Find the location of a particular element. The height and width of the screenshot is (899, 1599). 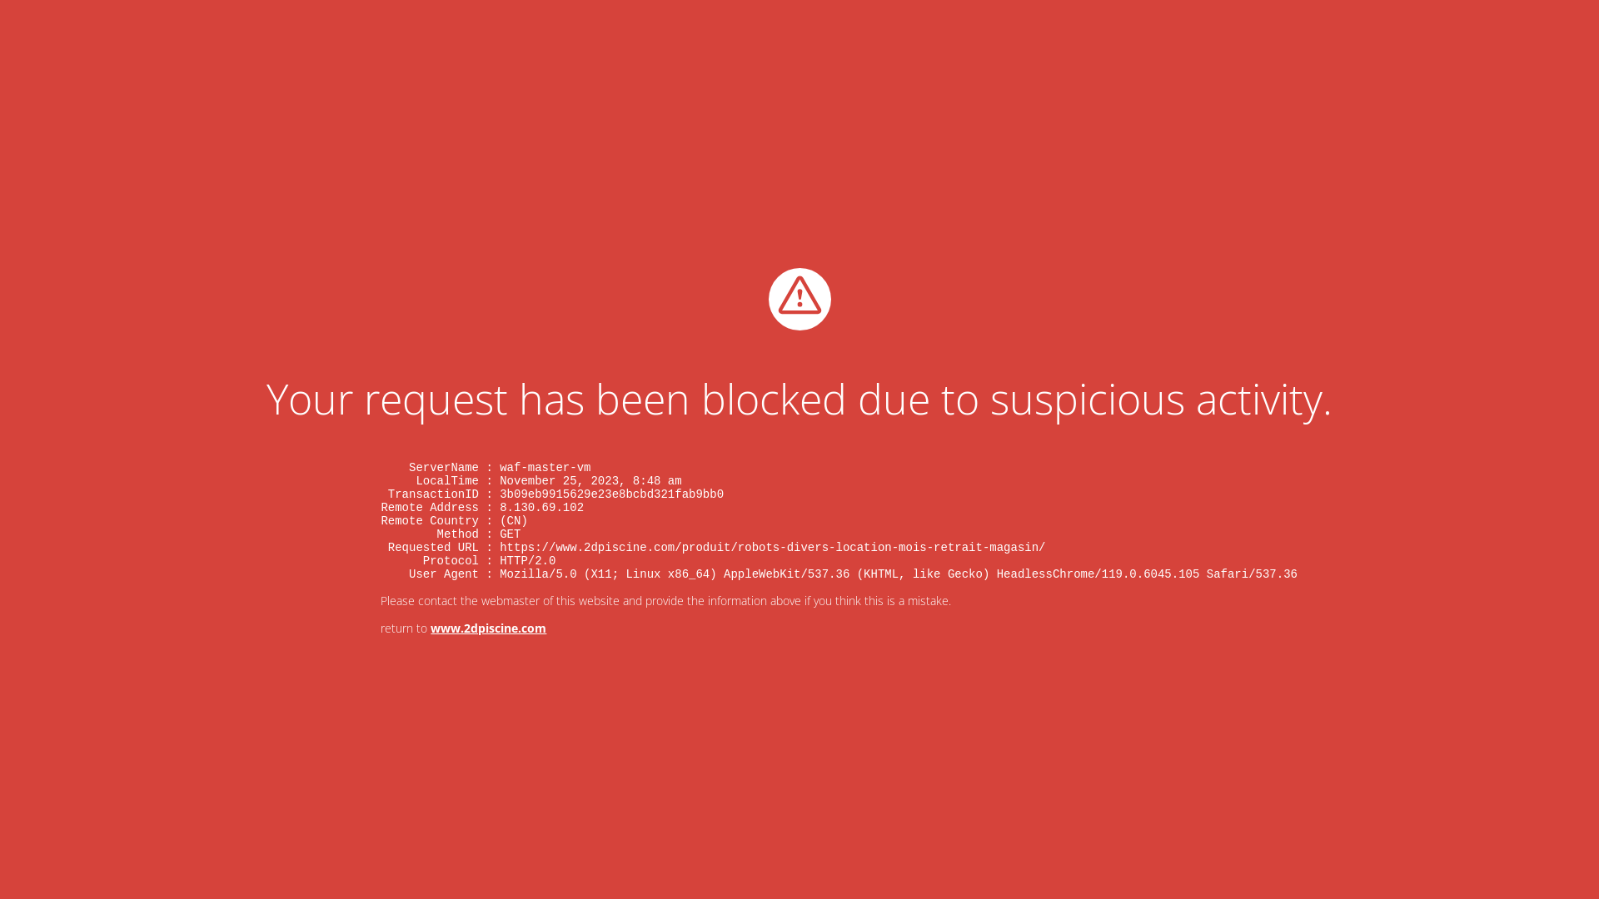

'www.2dpiscine.com' is located at coordinates (487, 628).